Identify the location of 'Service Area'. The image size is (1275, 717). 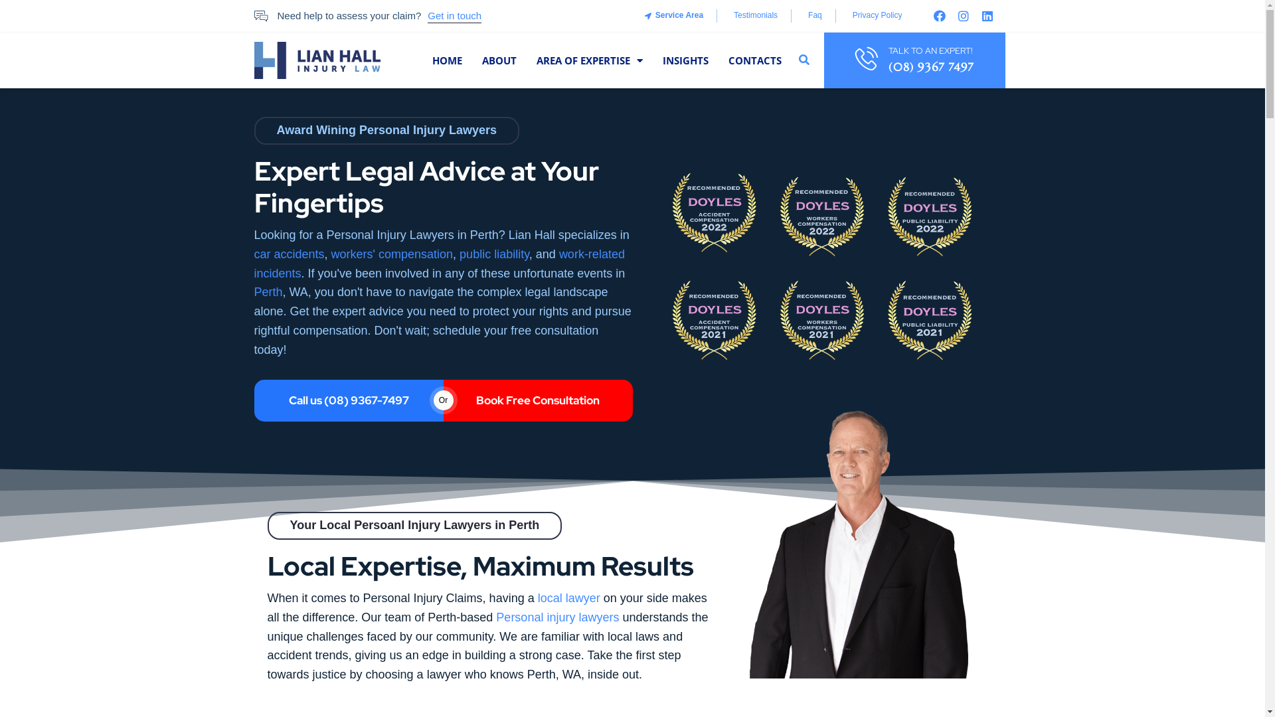
(643, 15).